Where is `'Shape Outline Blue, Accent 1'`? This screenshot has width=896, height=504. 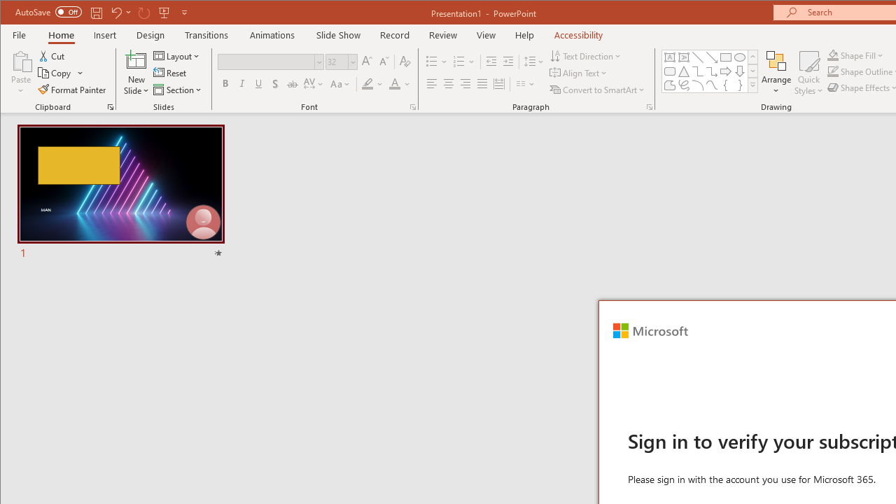 'Shape Outline Blue, Accent 1' is located at coordinates (832, 71).